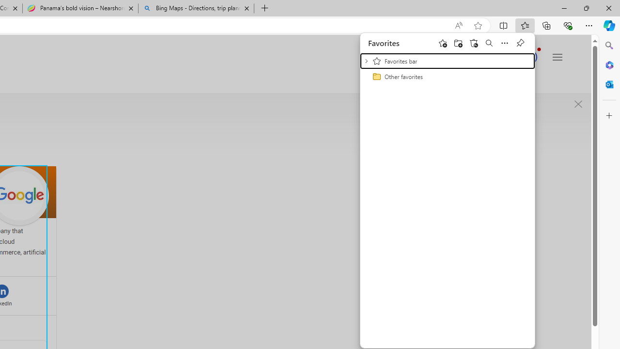 This screenshot has width=620, height=349. I want to click on 'Pin favorites', so click(519, 42).